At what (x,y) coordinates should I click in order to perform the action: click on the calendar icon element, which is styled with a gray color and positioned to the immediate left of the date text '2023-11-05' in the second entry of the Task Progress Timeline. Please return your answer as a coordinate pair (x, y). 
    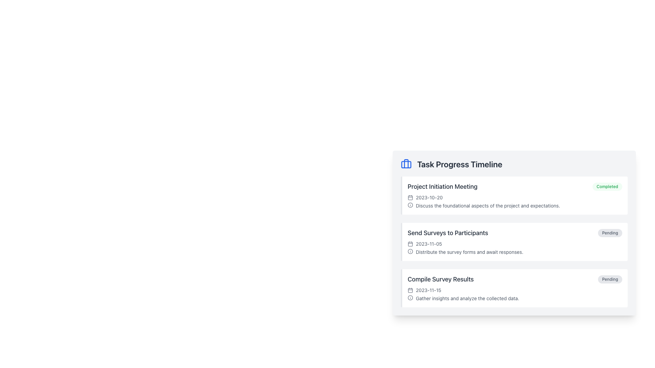
    Looking at the image, I should click on (410, 244).